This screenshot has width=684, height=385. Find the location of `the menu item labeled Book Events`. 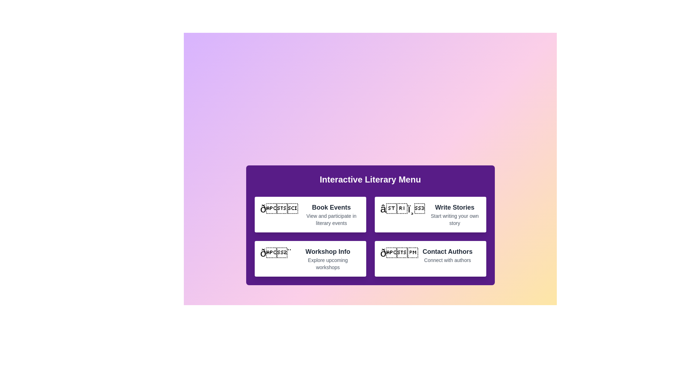

the menu item labeled Book Events is located at coordinates (310, 214).